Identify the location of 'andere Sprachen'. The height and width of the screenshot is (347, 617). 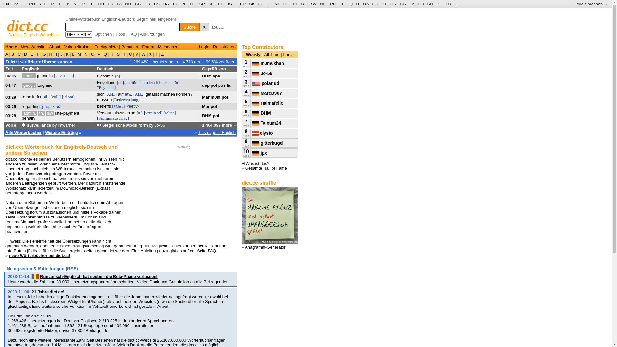
(26, 153).